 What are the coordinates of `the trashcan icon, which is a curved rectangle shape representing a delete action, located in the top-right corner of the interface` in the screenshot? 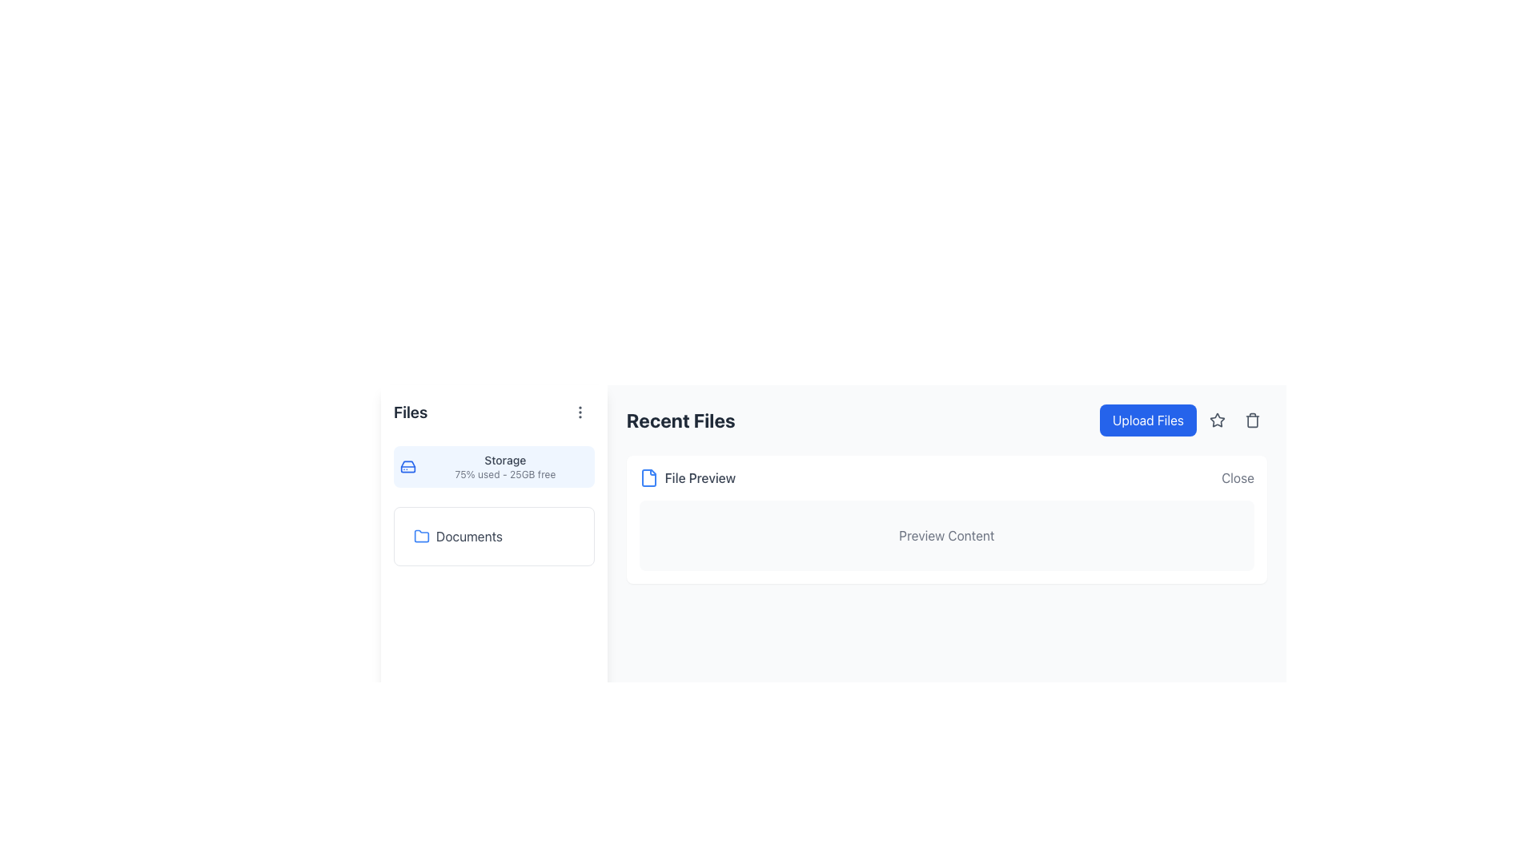 It's located at (1251, 420).